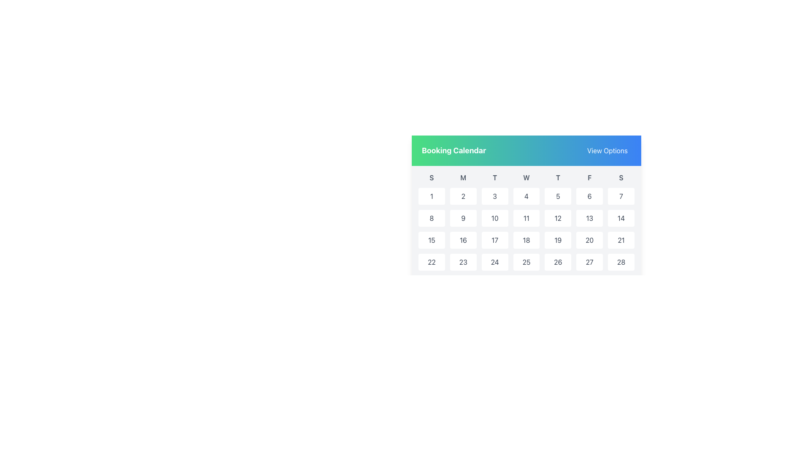 The height and width of the screenshot is (456, 810). What do you see at coordinates (589, 262) in the screenshot?
I see `the date cell displaying the number '27' in the sixth column of the fifth row of the calendar grid` at bounding box center [589, 262].